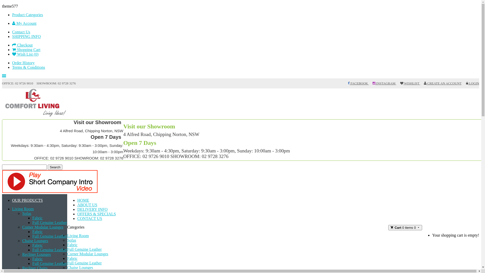 The width and height of the screenshot is (485, 273). Describe the element at coordinates (35, 240) in the screenshot. I see `'Chaise Lounges'` at that location.